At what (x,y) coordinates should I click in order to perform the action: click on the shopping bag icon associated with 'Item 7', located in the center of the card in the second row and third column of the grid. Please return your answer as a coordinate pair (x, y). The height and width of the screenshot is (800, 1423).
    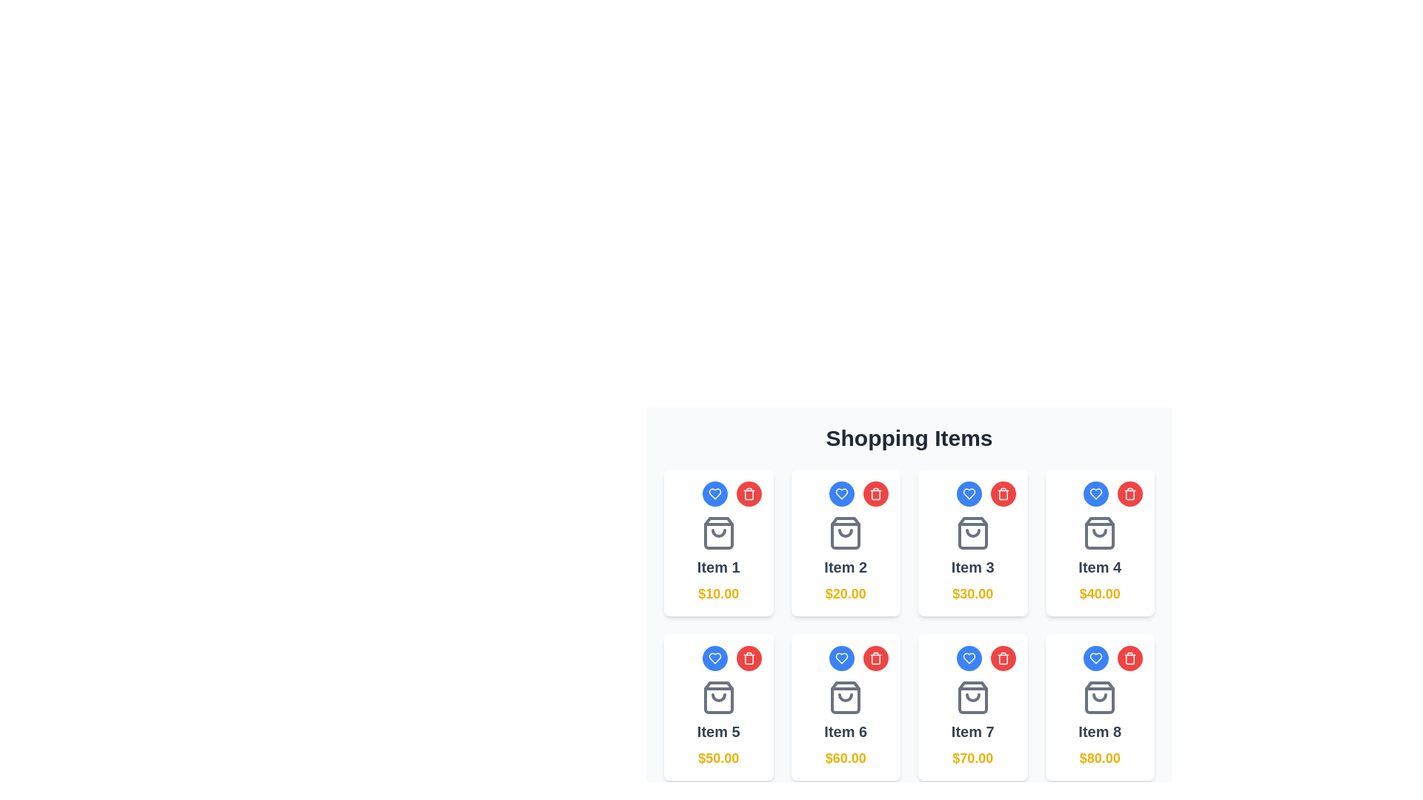
    Looking at the image, I should click on (972, 697).